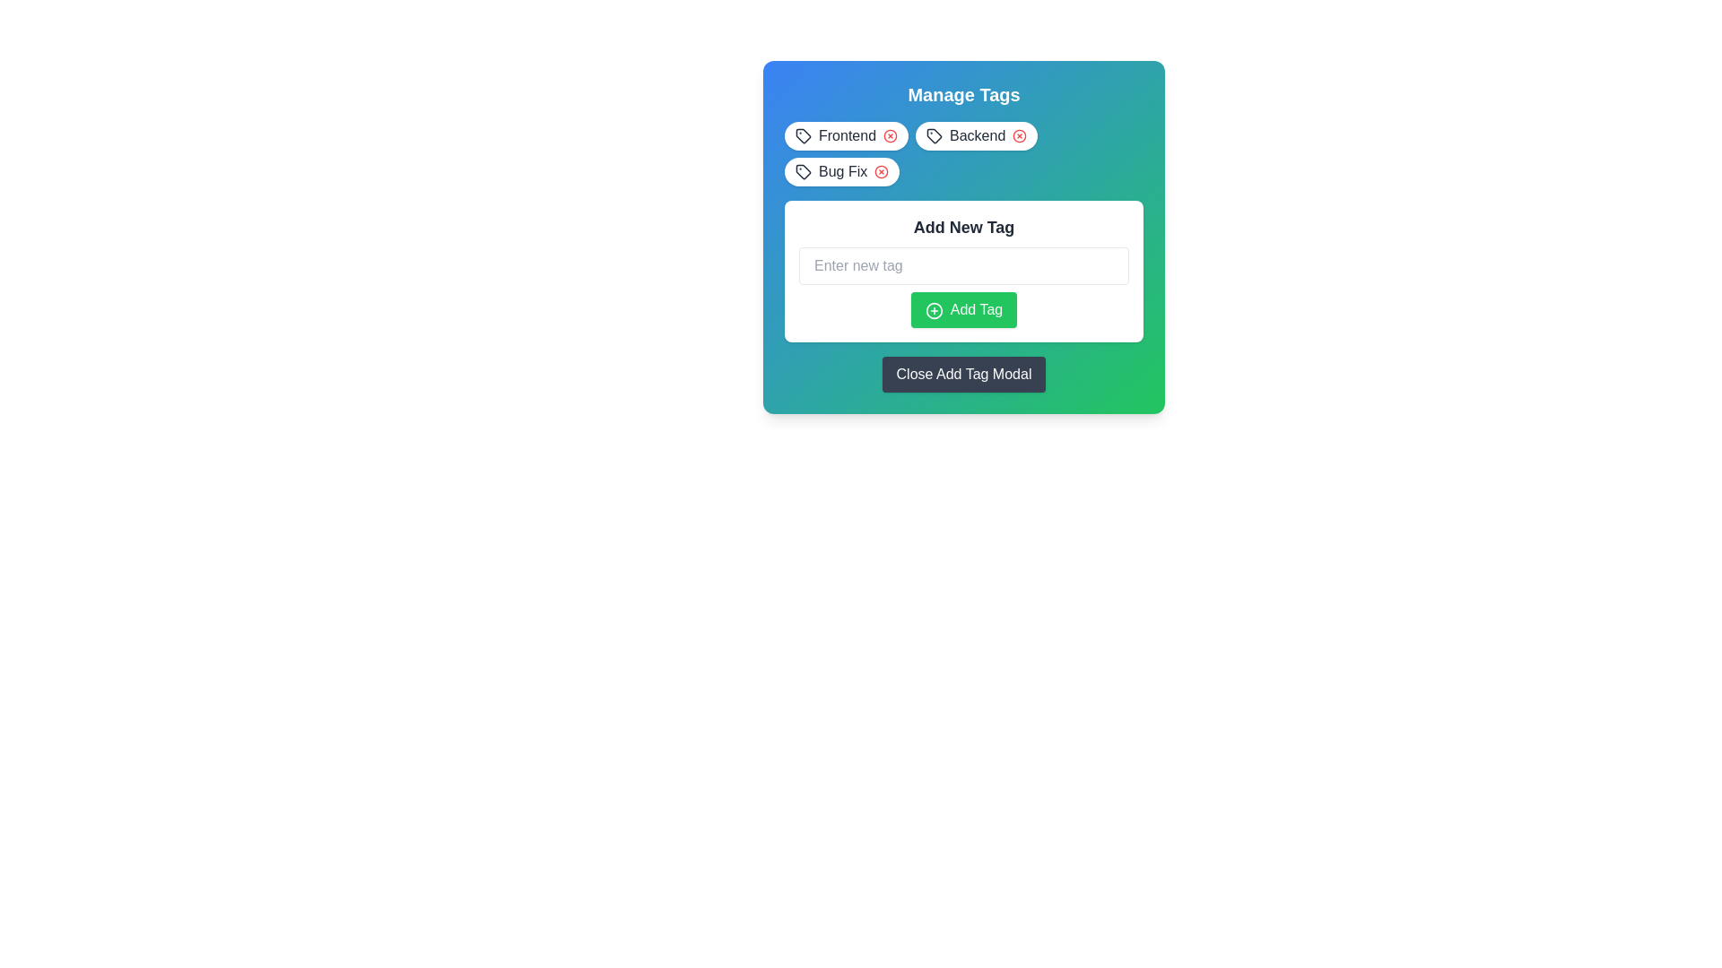 The width and height of the screenshot is (1722, 968). I want to click on the 'Add Tag' button, which is a rectangular button with a green background and white text, located in the 'Add New Tag' modal, below the 'Enter new tag' input field, so click(963, 309).